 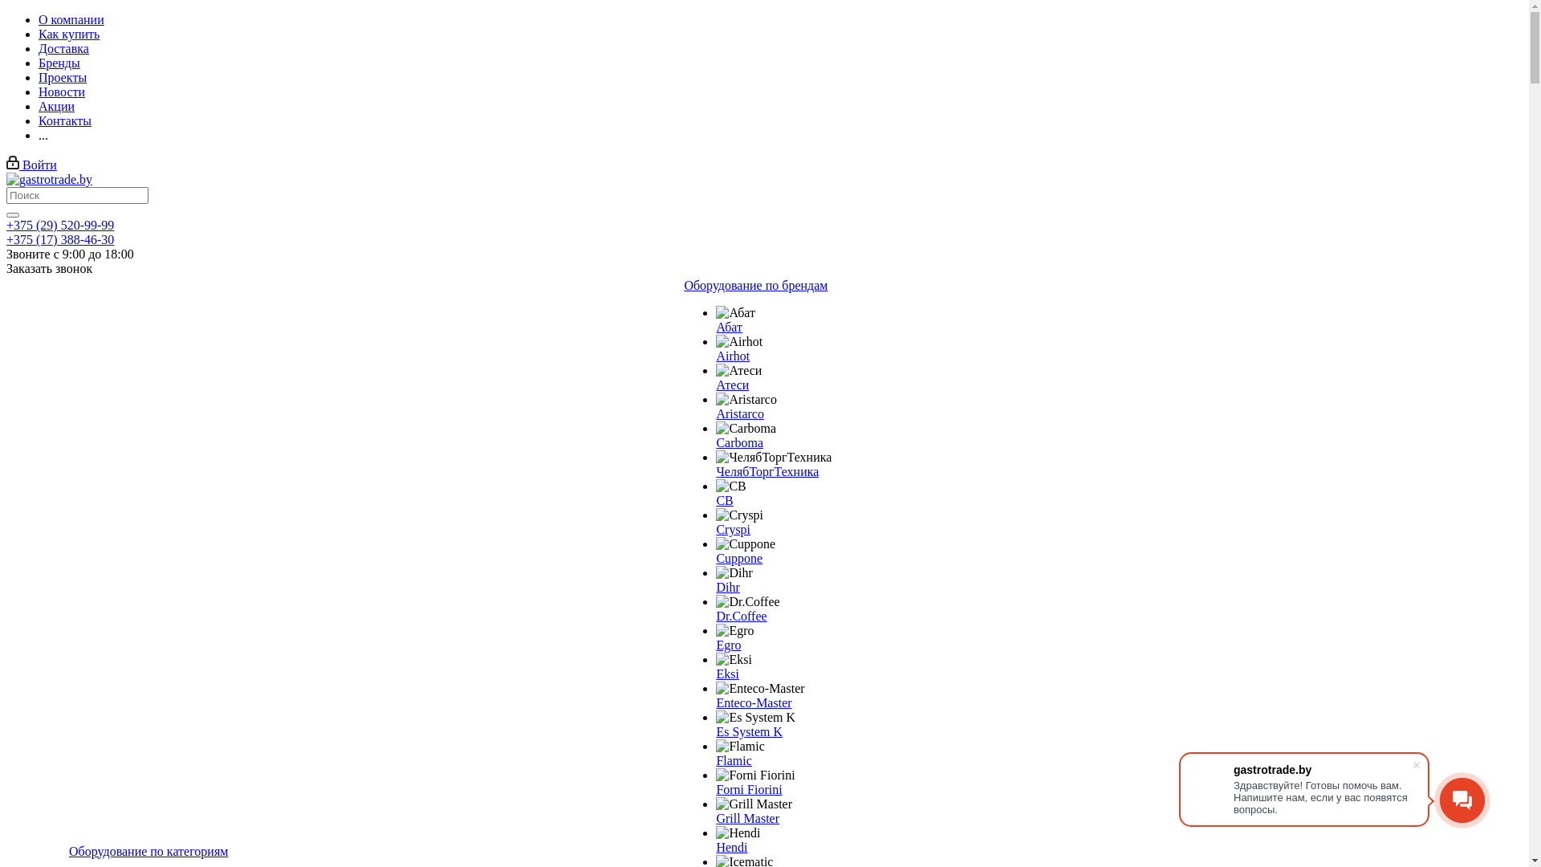 What do you see at coordinates (754, 717) in the screenshot?
I see `'Es System K'` at bounding box center [754, 717].